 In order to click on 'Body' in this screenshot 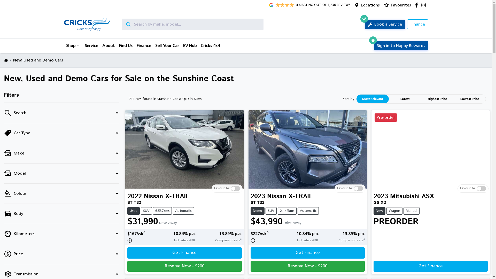, I will do `click(61, 214)`.